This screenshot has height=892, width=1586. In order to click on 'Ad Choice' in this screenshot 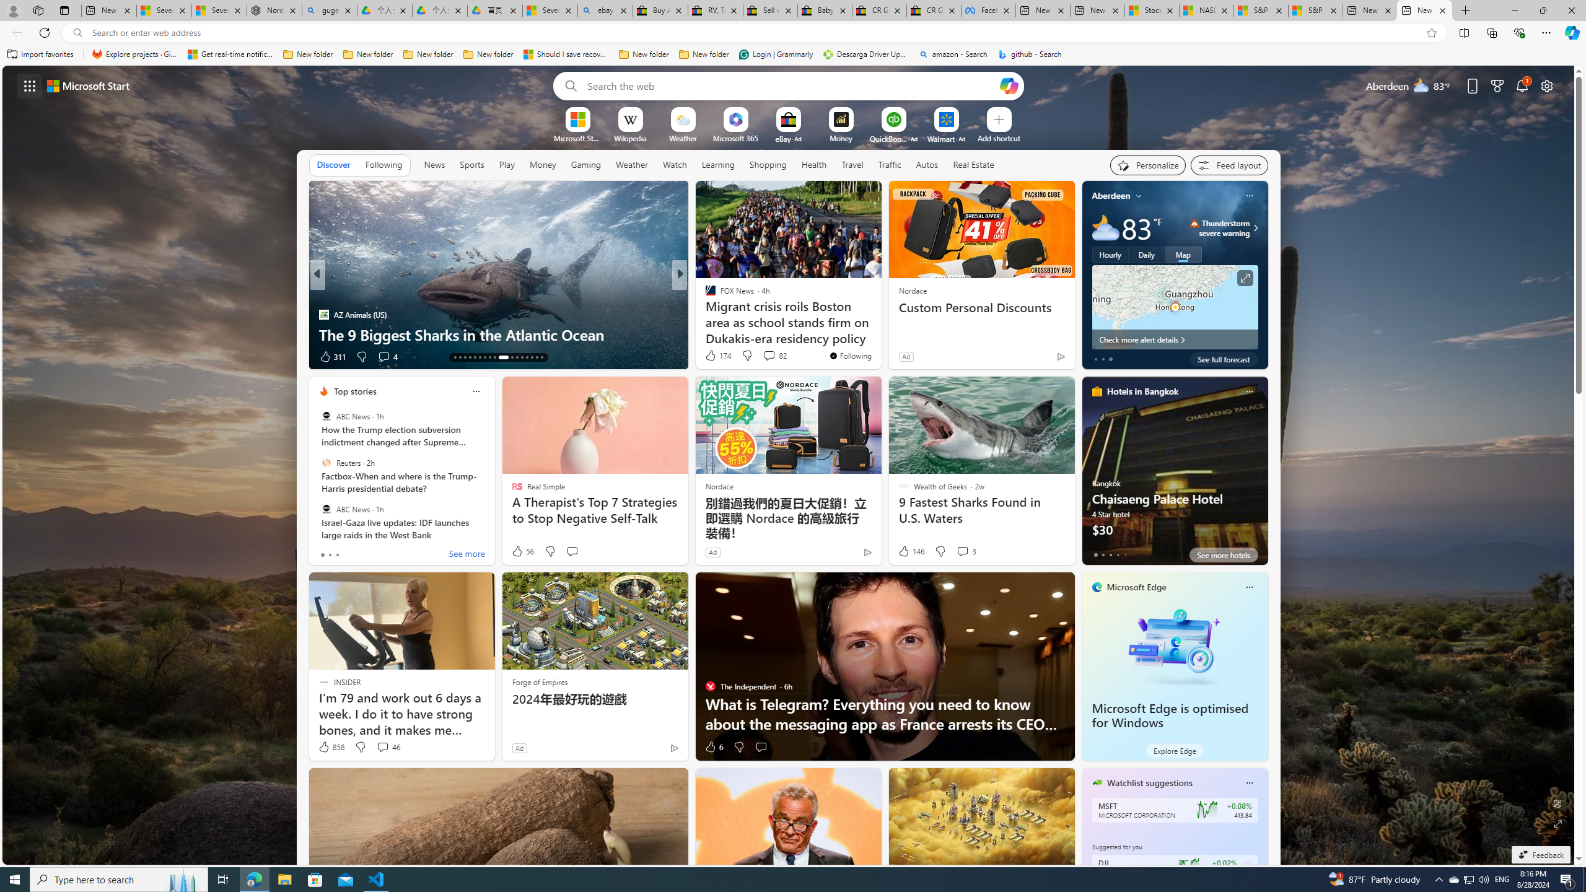, I will do `click(674, 747)`.